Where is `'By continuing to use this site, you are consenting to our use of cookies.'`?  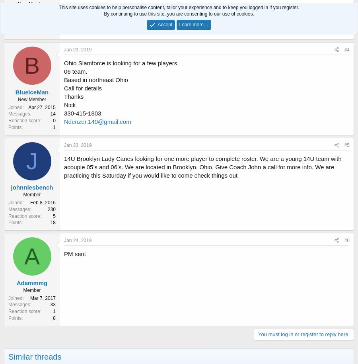
'By continuing to use this site, you are consenting to our use of cookies.' is located at coordinates (179, 14).